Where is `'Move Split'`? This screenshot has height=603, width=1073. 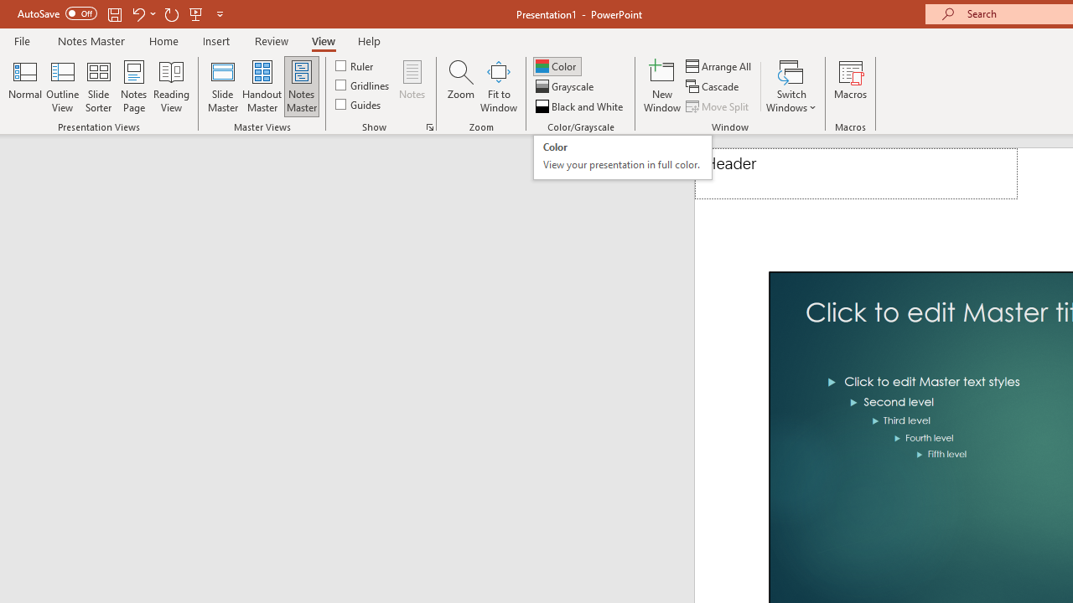
'Move Split' is located at coordinates (718, 106).